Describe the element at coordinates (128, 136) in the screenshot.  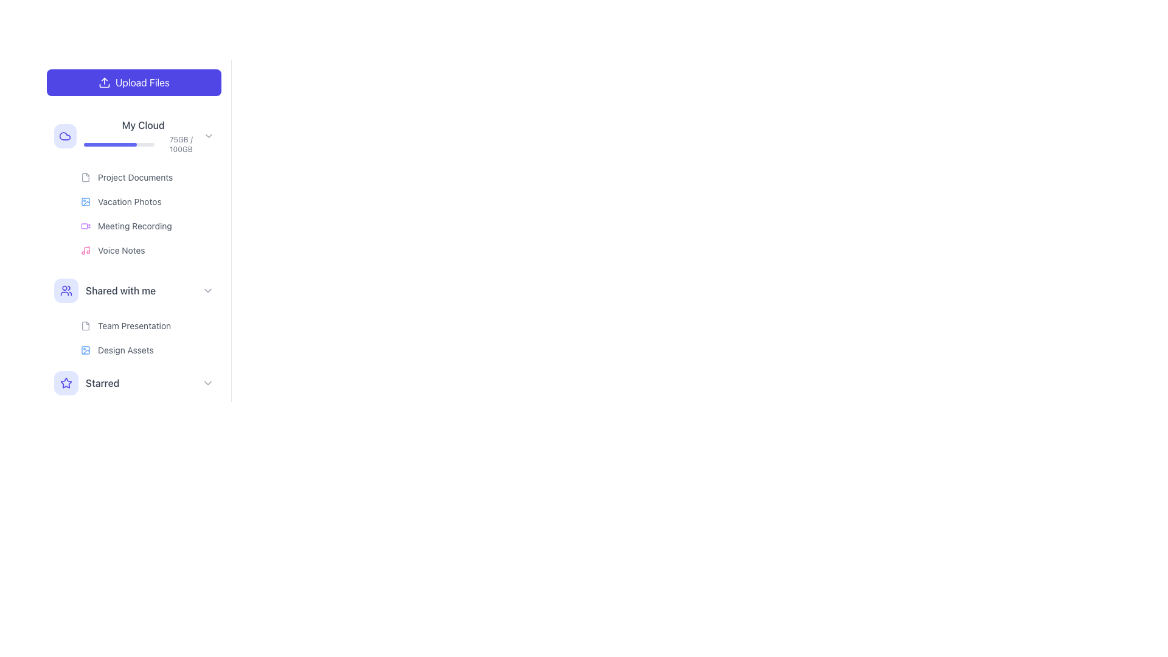
I see `the informational display component that shows the cloud icon, the text 'My Cloud', and a progress bar indicating '75GB / 100GB'` at that location.